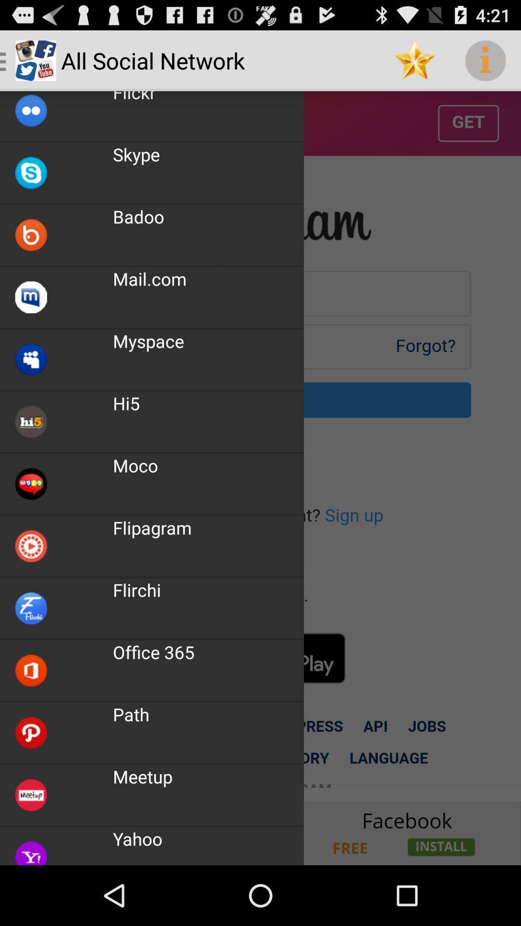  I want to click on yahoo tab, so click(260, 832).